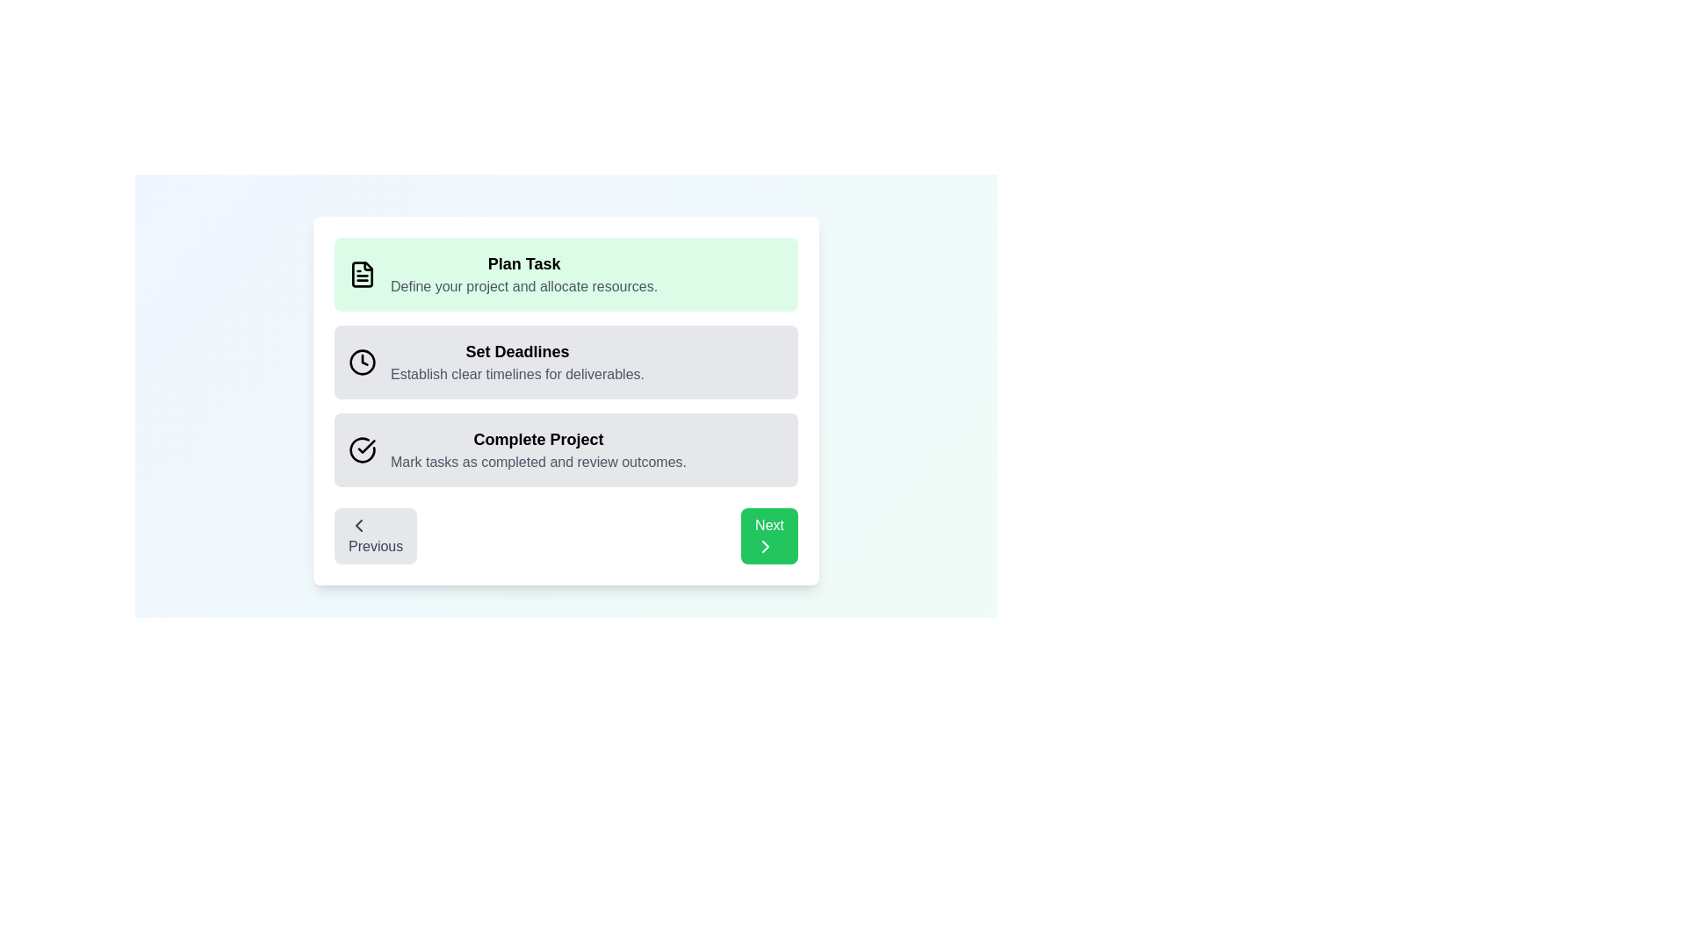  What do you see at coordinates (566, 384) in the screenshot?
I see `the background container of the TaskManagementSteps component` at bounding box center [566, 384].